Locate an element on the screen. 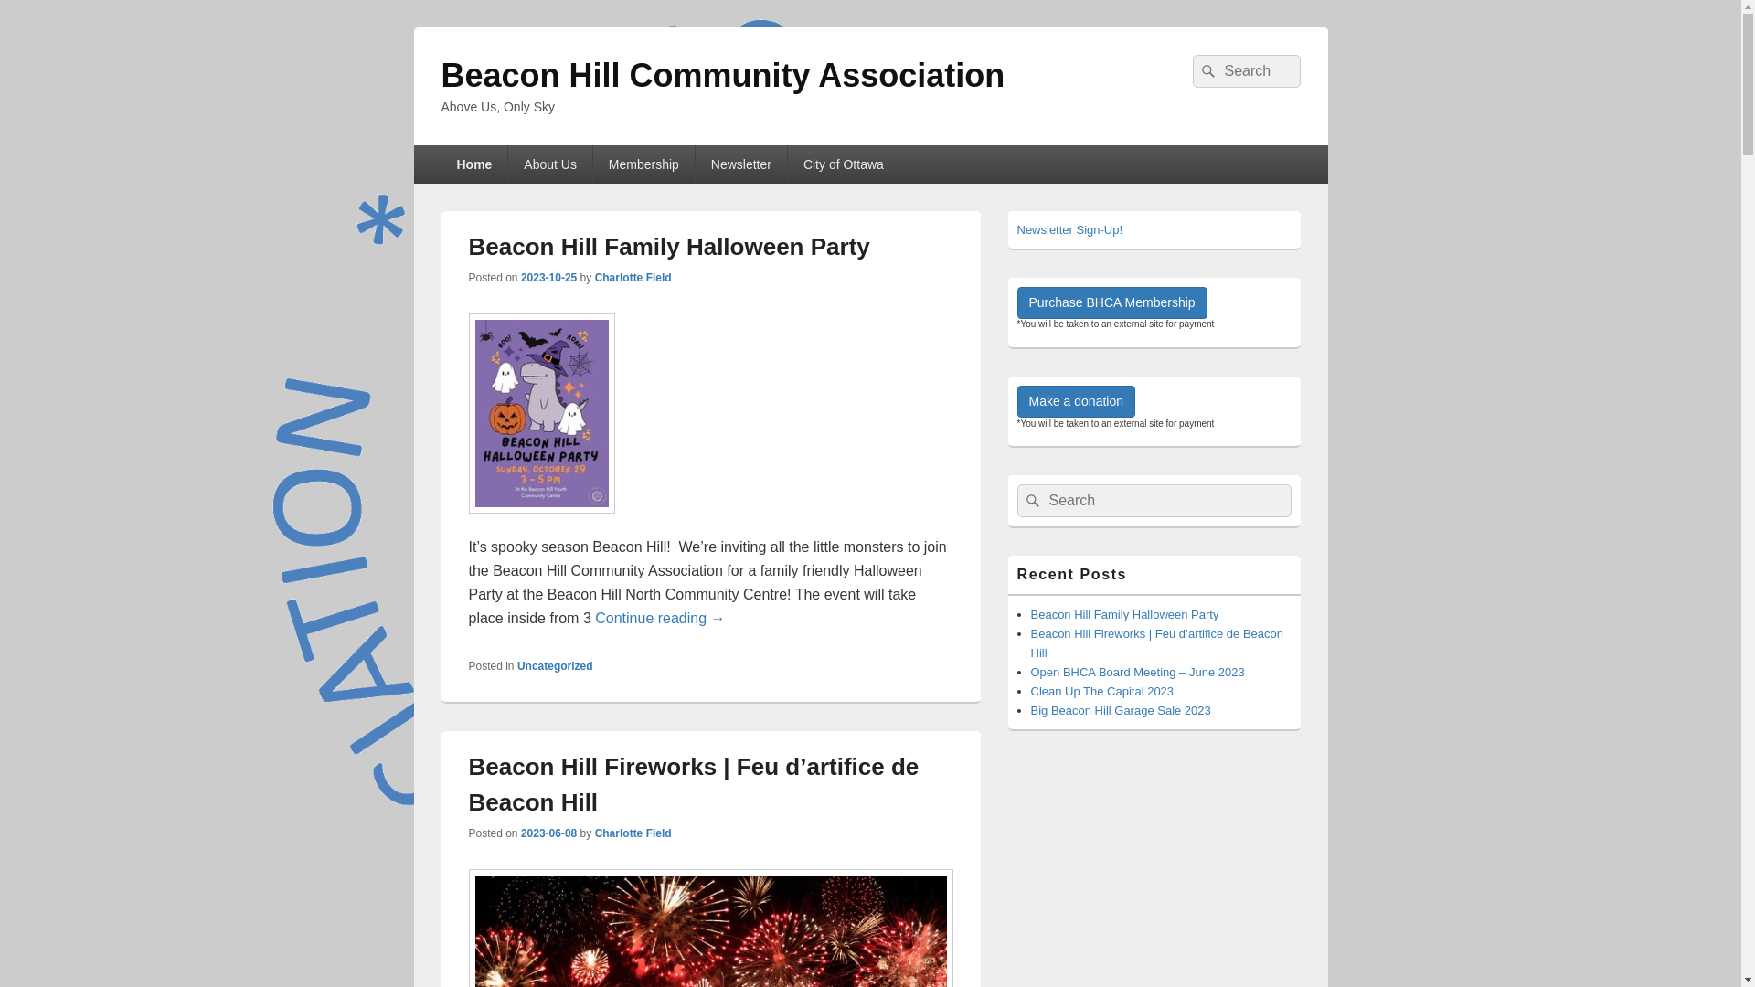  'Make a donation' is located at coordinates (1075, 400).